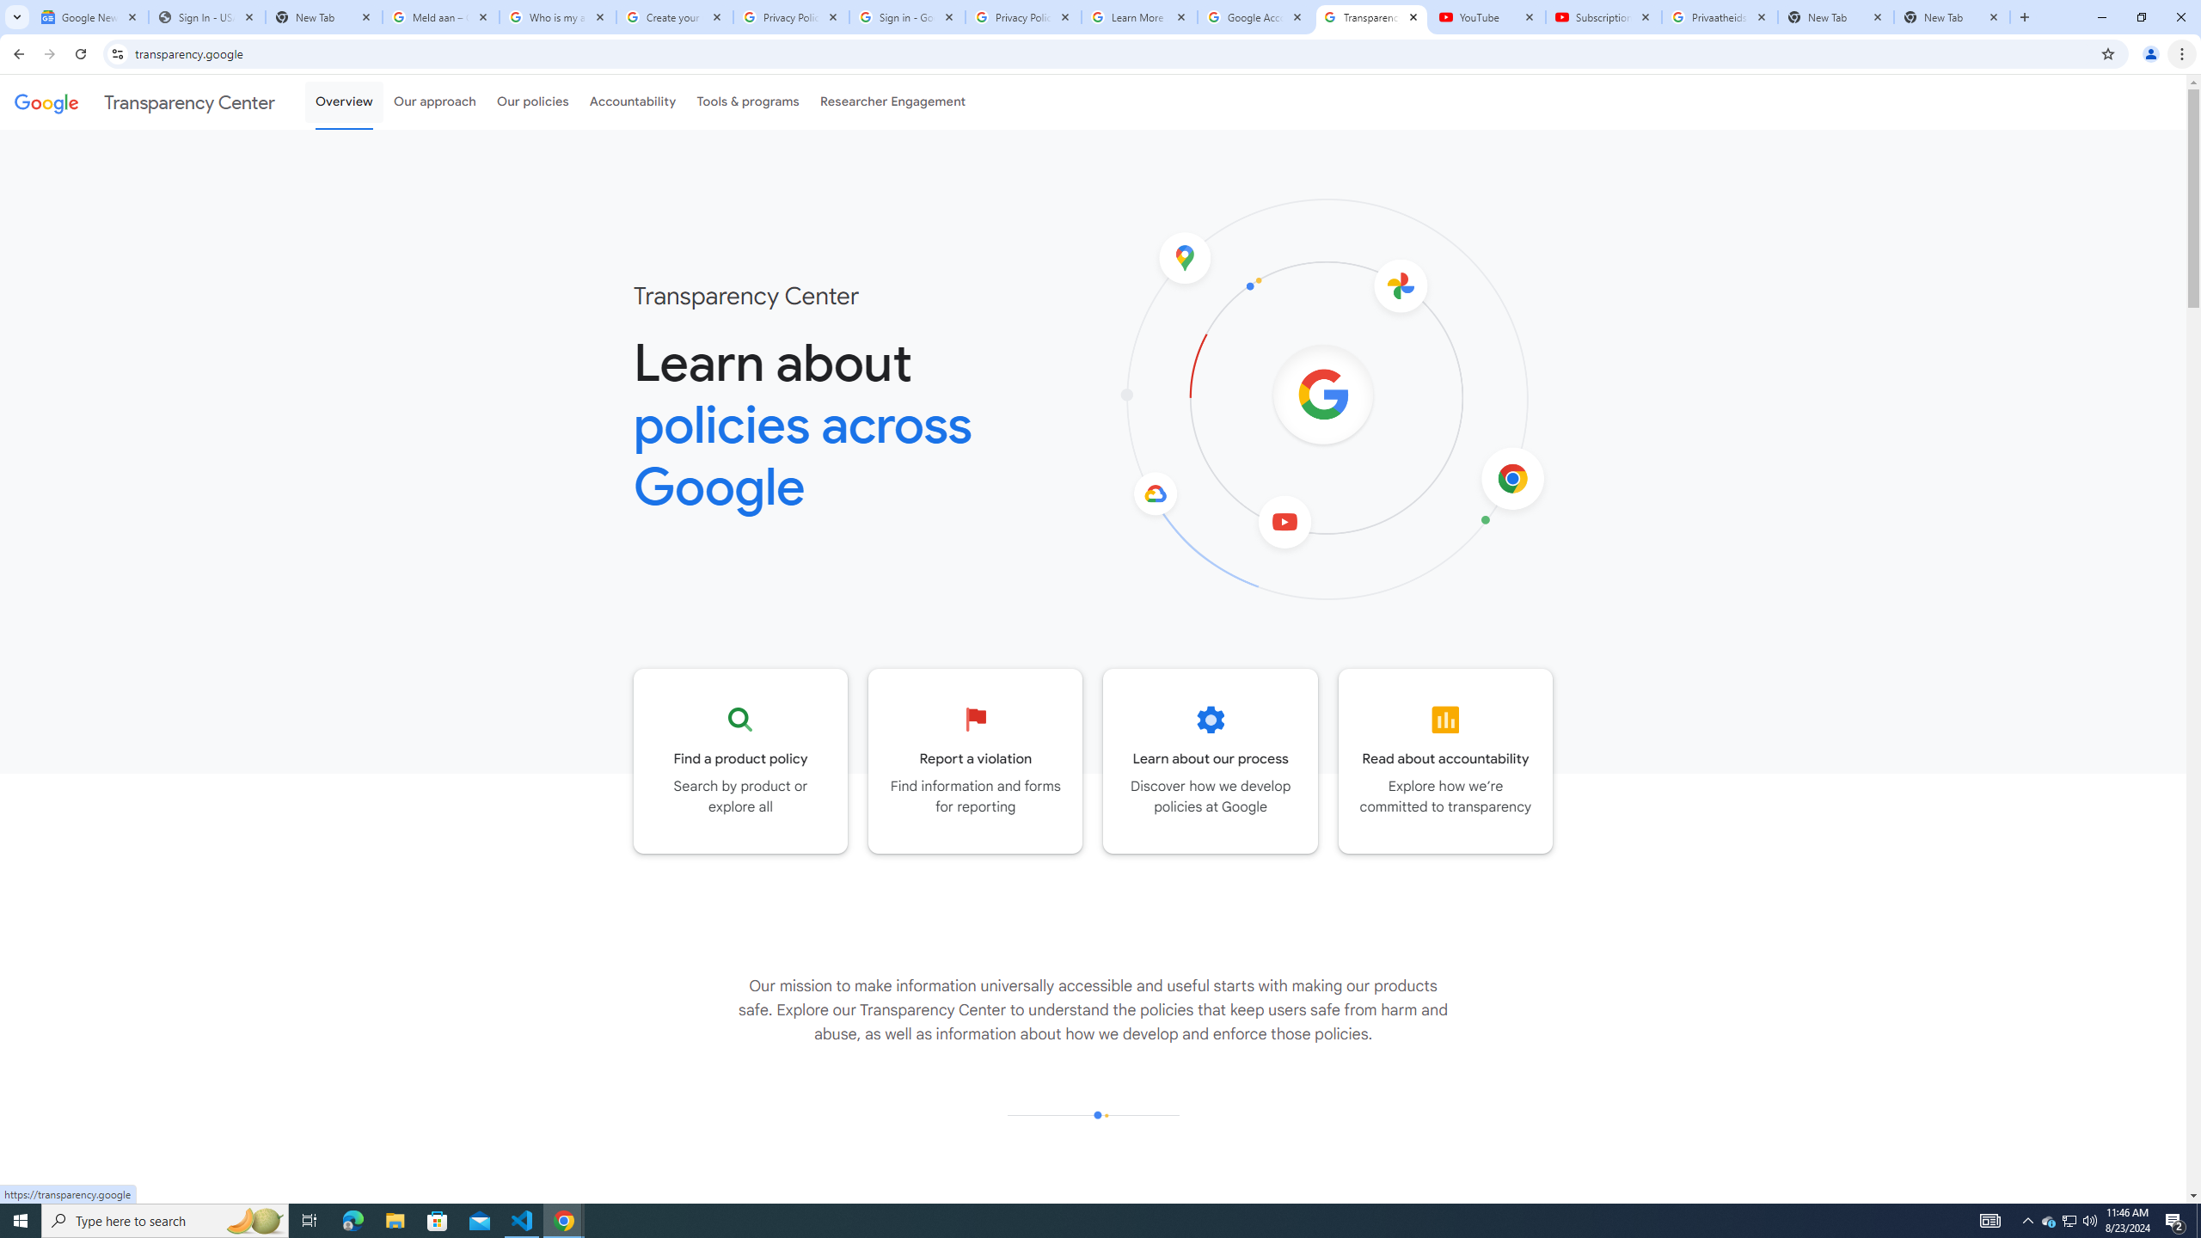 The height and width of the screenshot is (1238, 2201). I want to click on 'Create your Google Account', so click(674, 16).